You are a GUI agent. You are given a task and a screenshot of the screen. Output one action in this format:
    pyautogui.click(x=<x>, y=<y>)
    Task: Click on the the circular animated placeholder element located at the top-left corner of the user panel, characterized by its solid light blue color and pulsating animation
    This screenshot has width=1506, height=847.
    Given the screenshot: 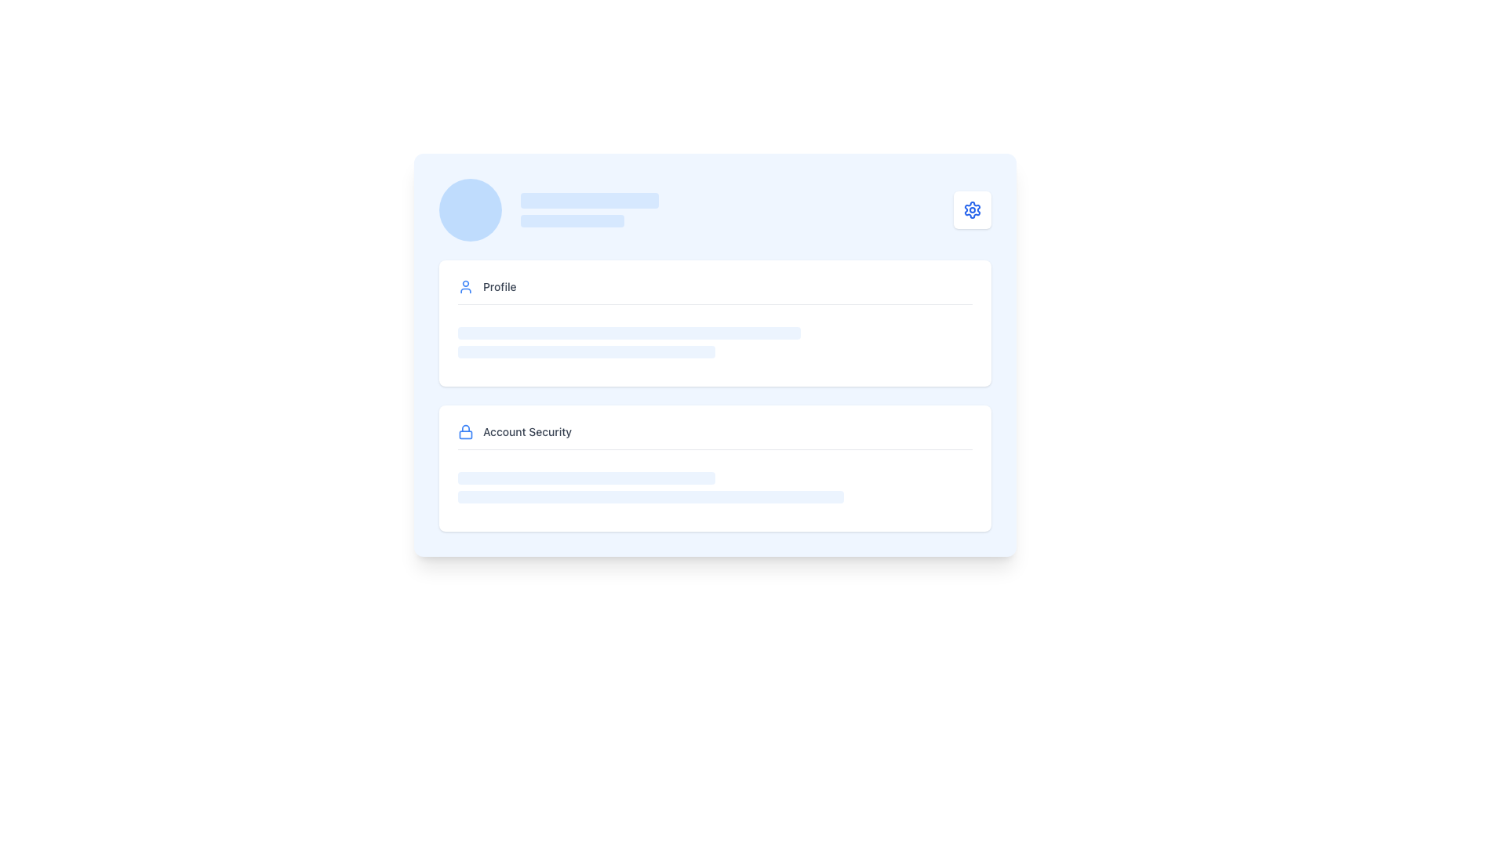 What is the action you would take?
    pyautogui.click(x=470, y=209)
    